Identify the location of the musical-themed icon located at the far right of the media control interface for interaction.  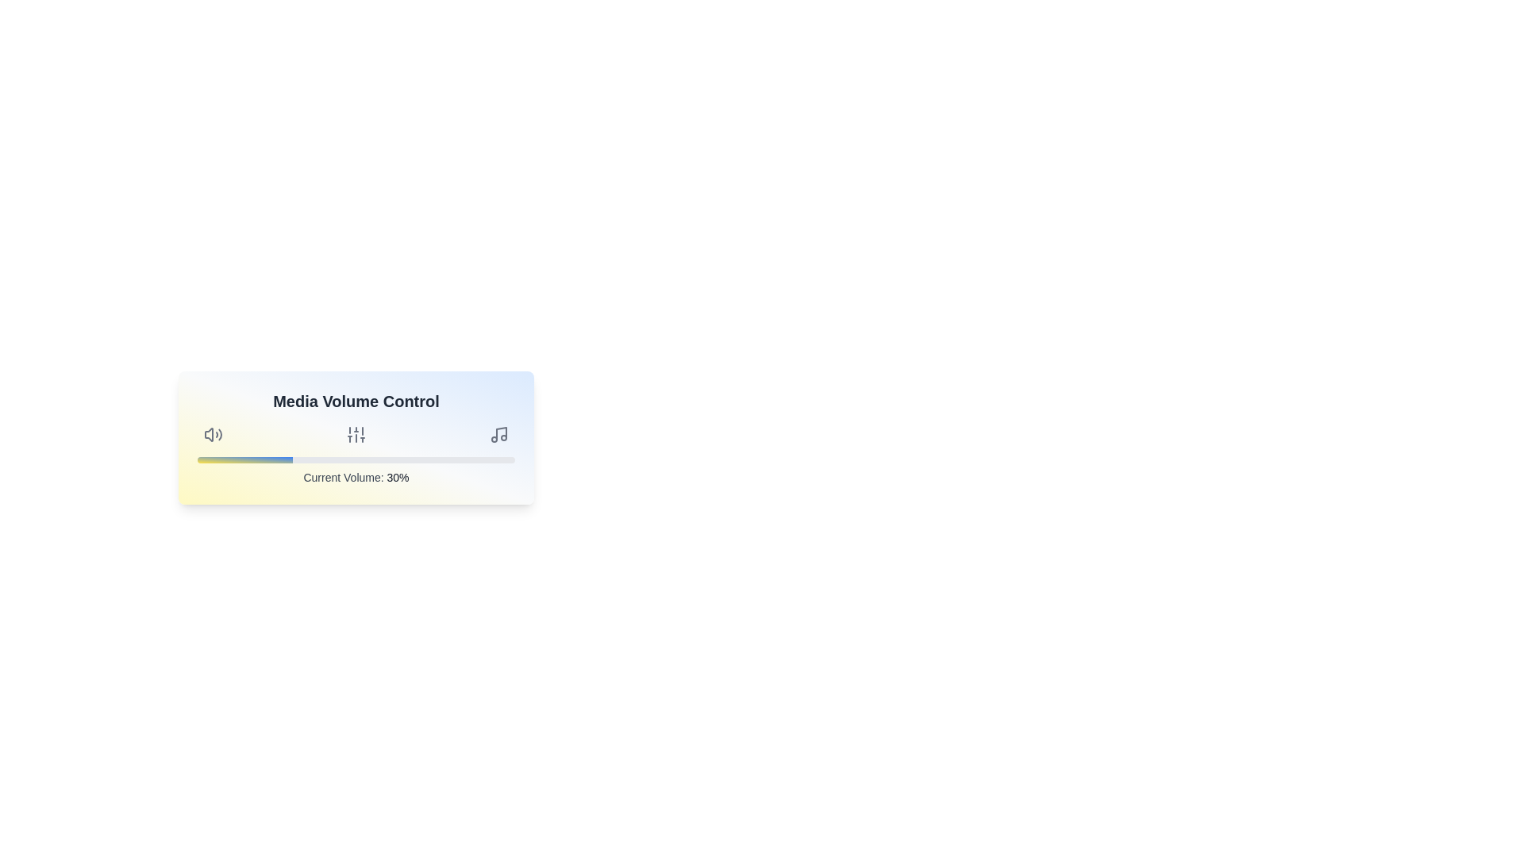
(501, 433).